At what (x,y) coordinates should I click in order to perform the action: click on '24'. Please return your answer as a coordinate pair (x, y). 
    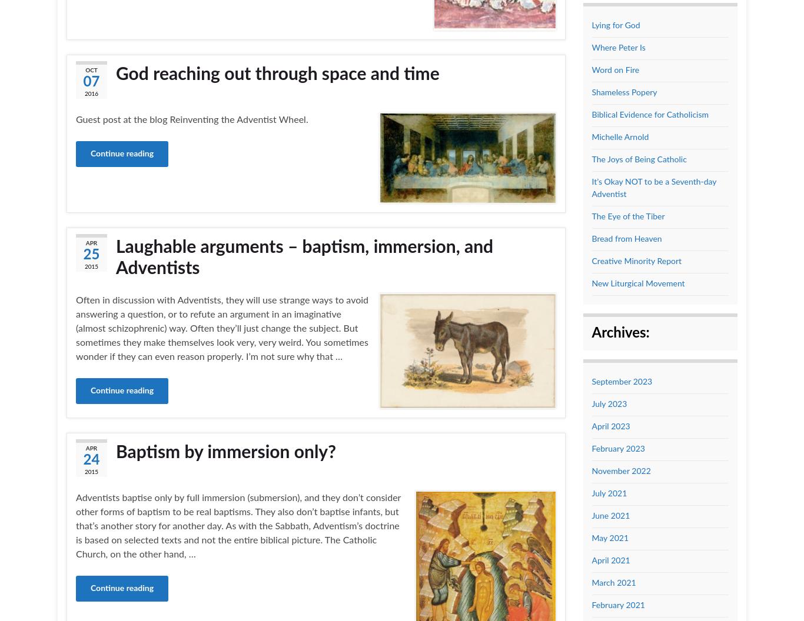
    Looking at the image, I should click on (82, 459).